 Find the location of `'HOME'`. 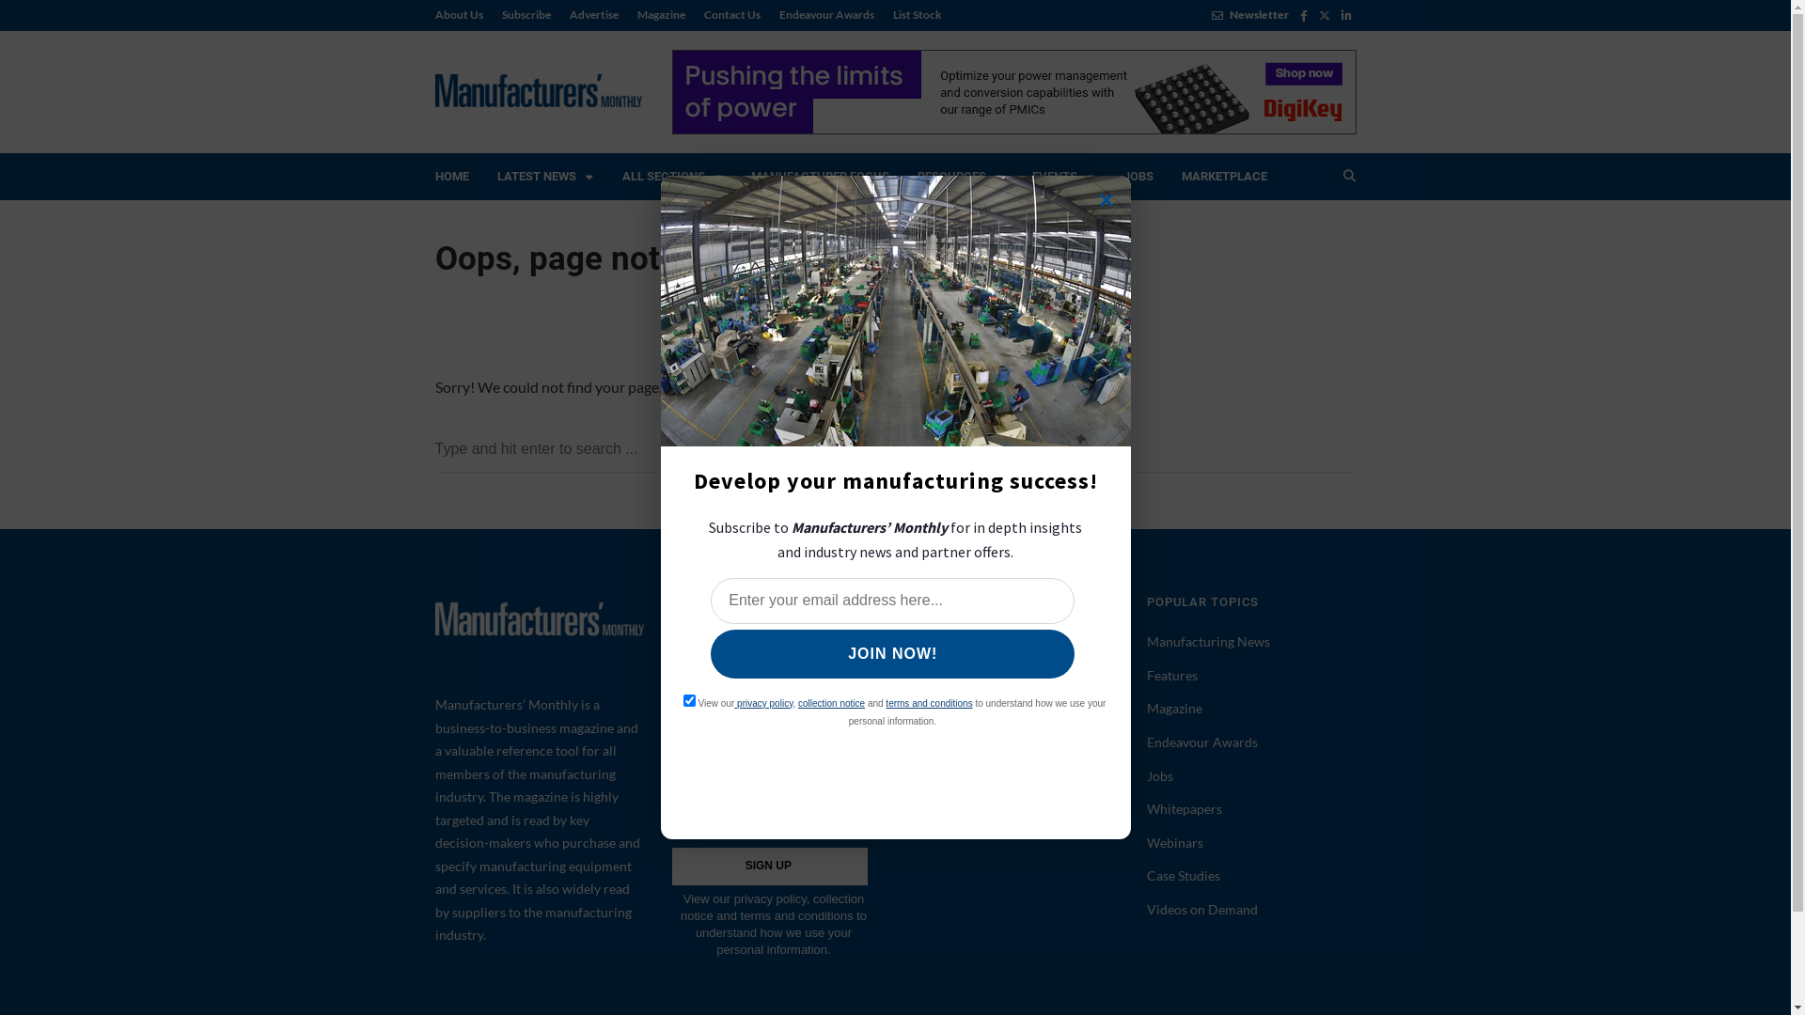

'HOME' is located at coordinates (451, 177).